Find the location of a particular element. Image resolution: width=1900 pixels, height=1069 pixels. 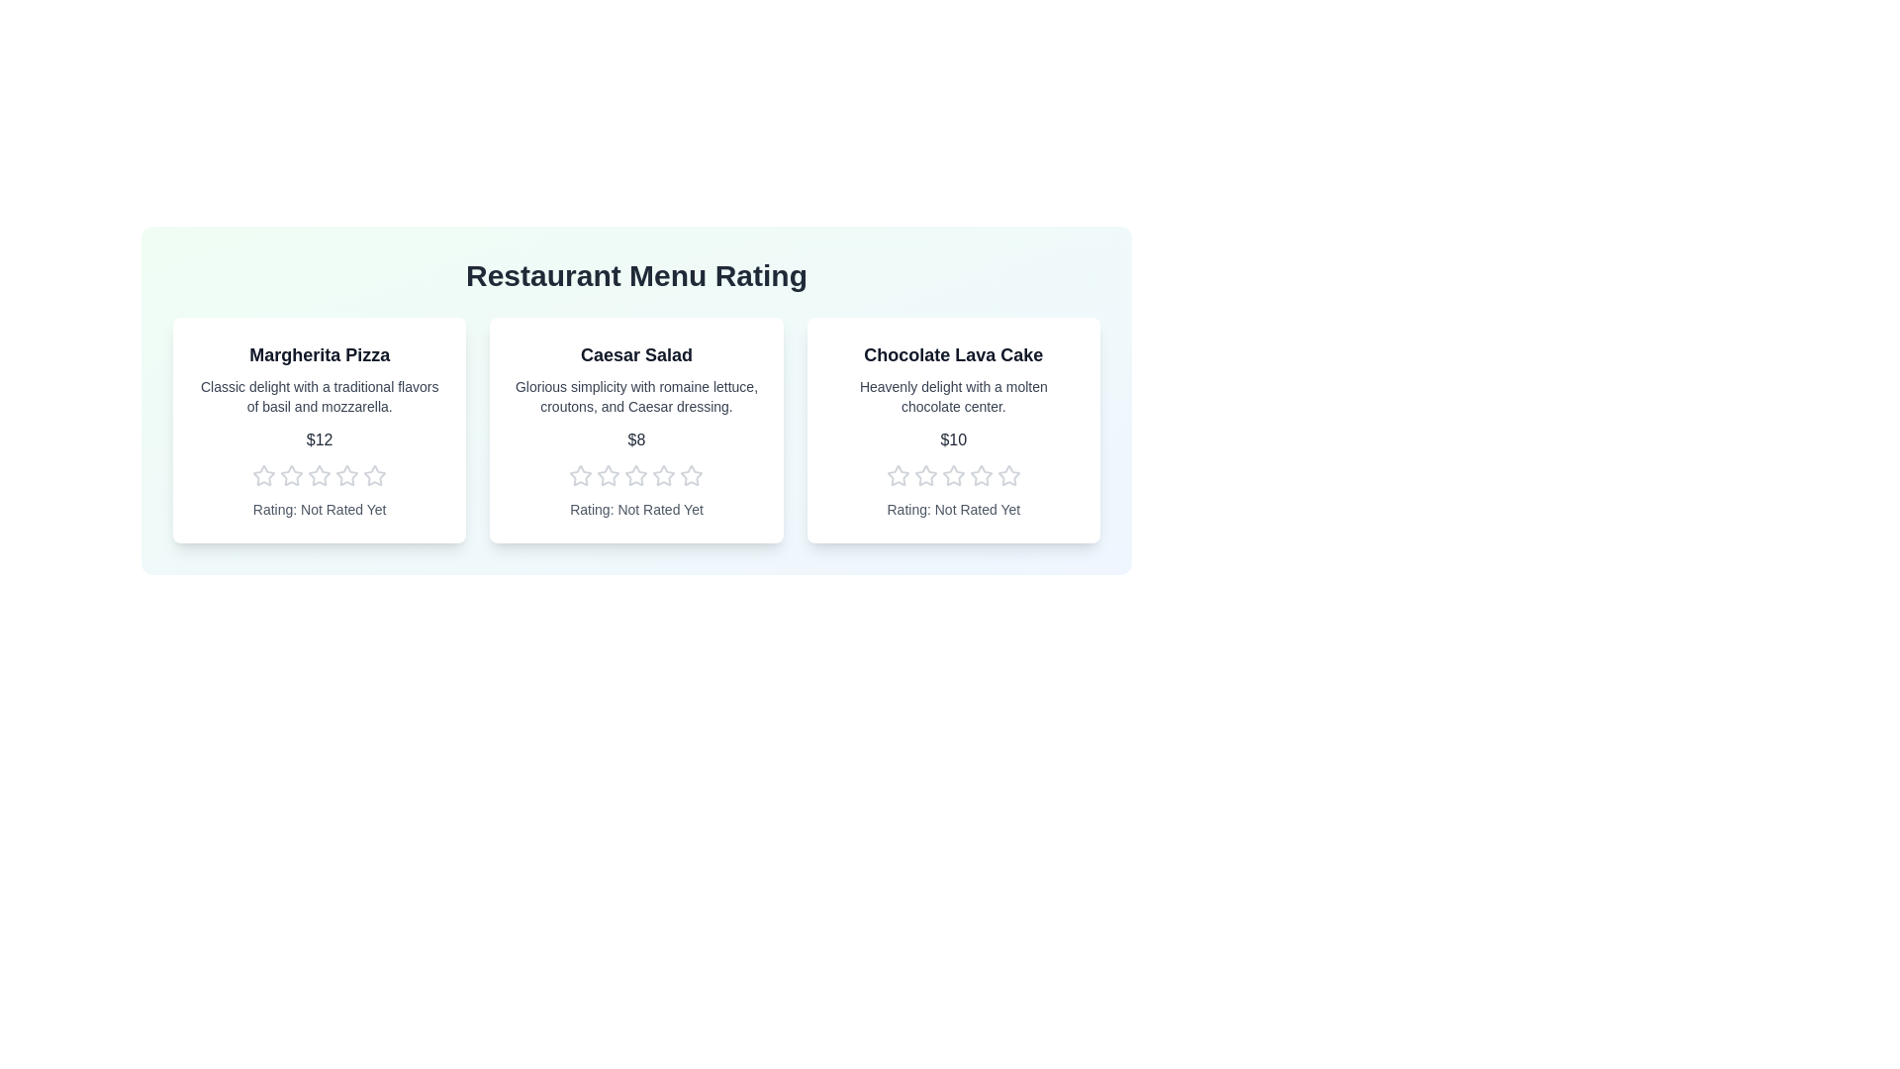

the 1 star to preview the rating is located at coordinates (263, 476).